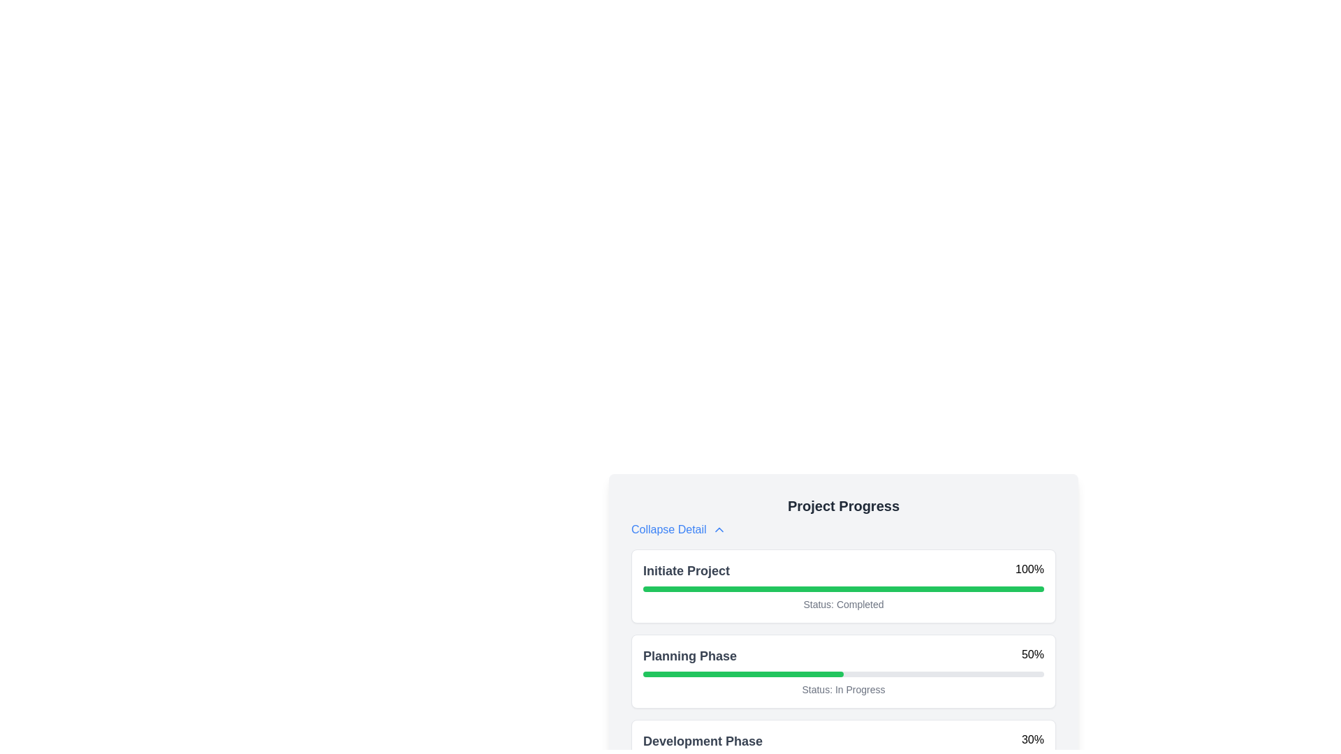  Describe the element at coordinates (843, 688) in the screenshot. I see `the text label that reads 'Status: In Progress,' which is styled with a small font size and gray color, located below the progress bar within the 'Planning Phase' card` at that location.